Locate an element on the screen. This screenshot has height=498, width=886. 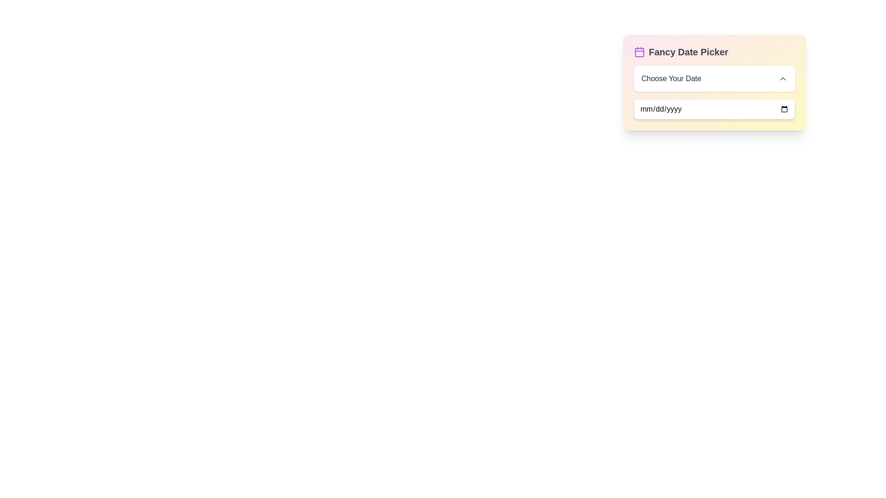
the icon located at the far-right of the 'Choose Your Date' section within the 'Fancy Date Picker' is located at coordinates (783, 78).